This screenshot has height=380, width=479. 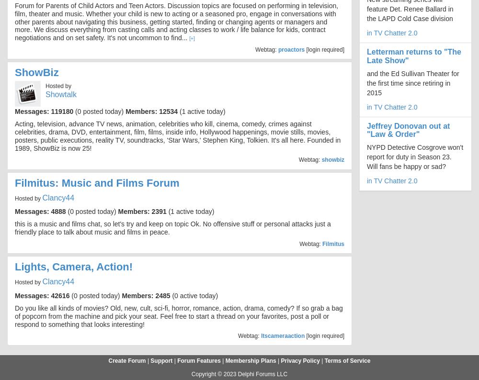 I want to click on 'NYPD Detective  Cosgrove won't report for duty in Season 23. Will fans be happy or sad?', so click(x=414, y=156).